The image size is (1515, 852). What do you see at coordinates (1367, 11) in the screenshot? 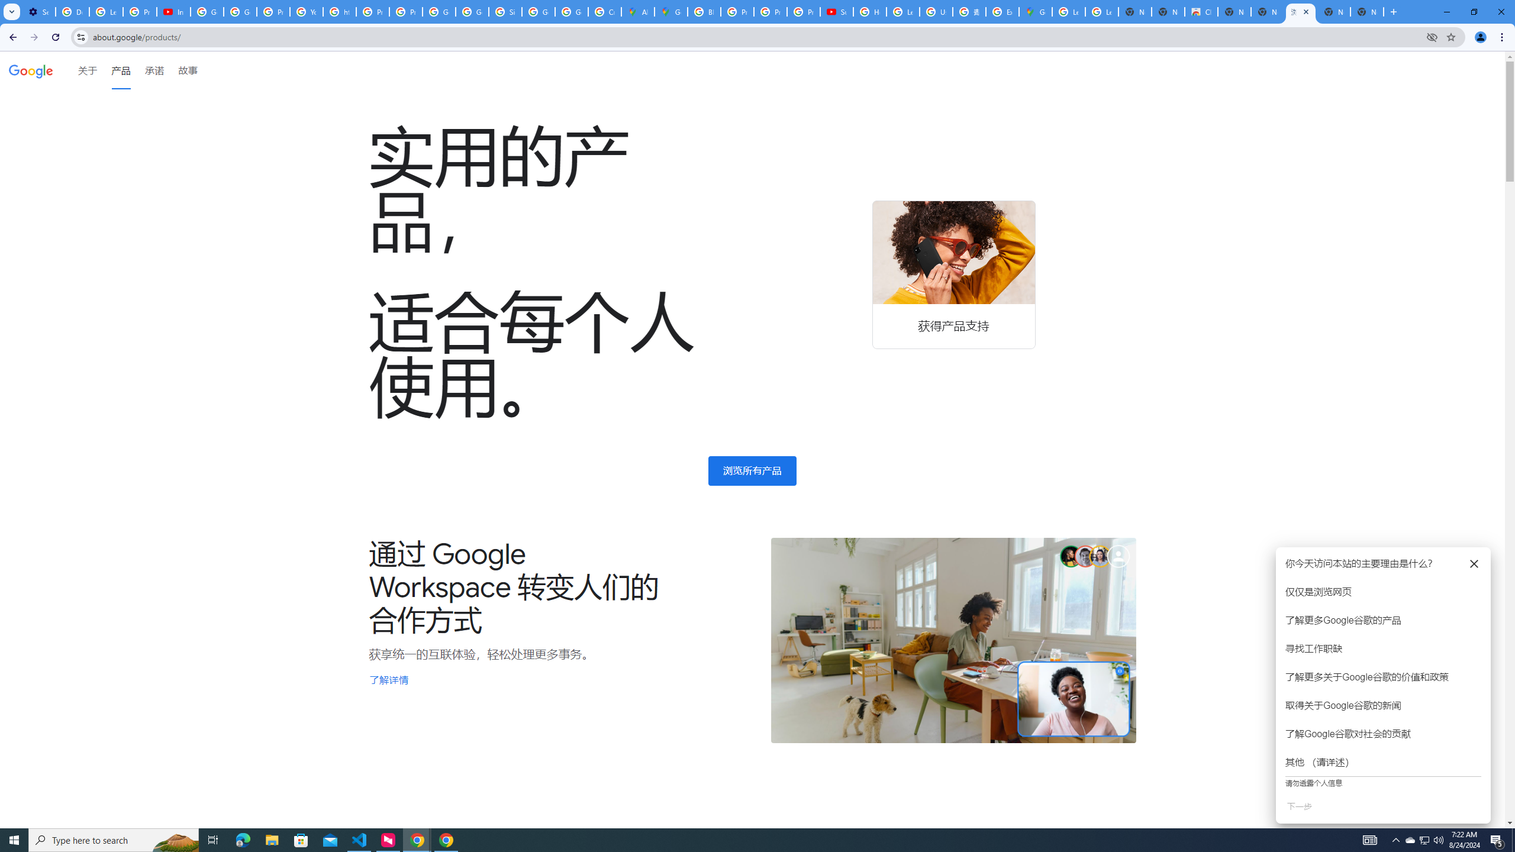
I see `'New Tab'` at bounding box center [1367, 11].